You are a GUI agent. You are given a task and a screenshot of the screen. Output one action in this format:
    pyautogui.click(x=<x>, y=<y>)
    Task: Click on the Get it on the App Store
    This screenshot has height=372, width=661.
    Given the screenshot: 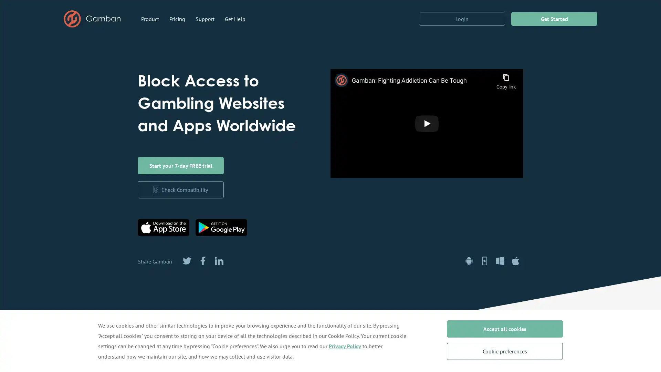 What is the action you would take?
    pyautogui.click(x=163, y=227)
    